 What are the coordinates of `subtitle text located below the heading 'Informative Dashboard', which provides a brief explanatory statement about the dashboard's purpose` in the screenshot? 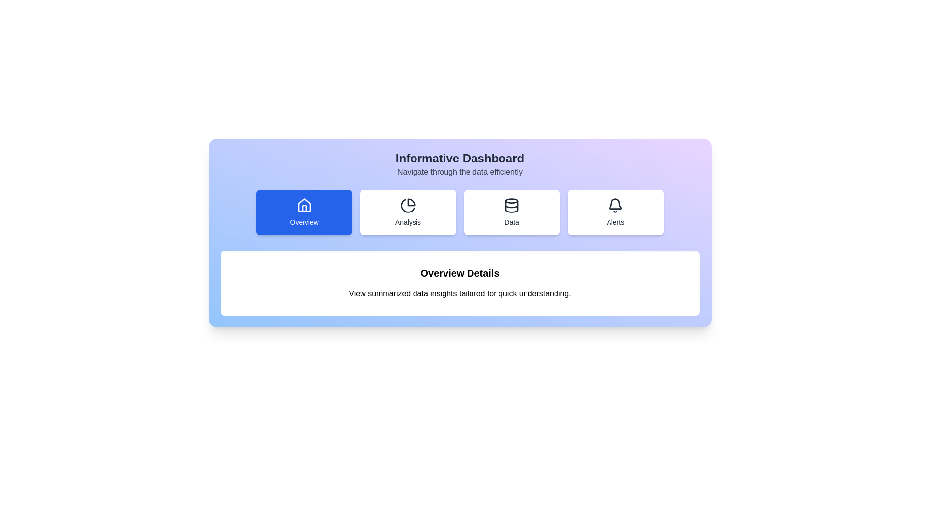 It's located at (459, 172).